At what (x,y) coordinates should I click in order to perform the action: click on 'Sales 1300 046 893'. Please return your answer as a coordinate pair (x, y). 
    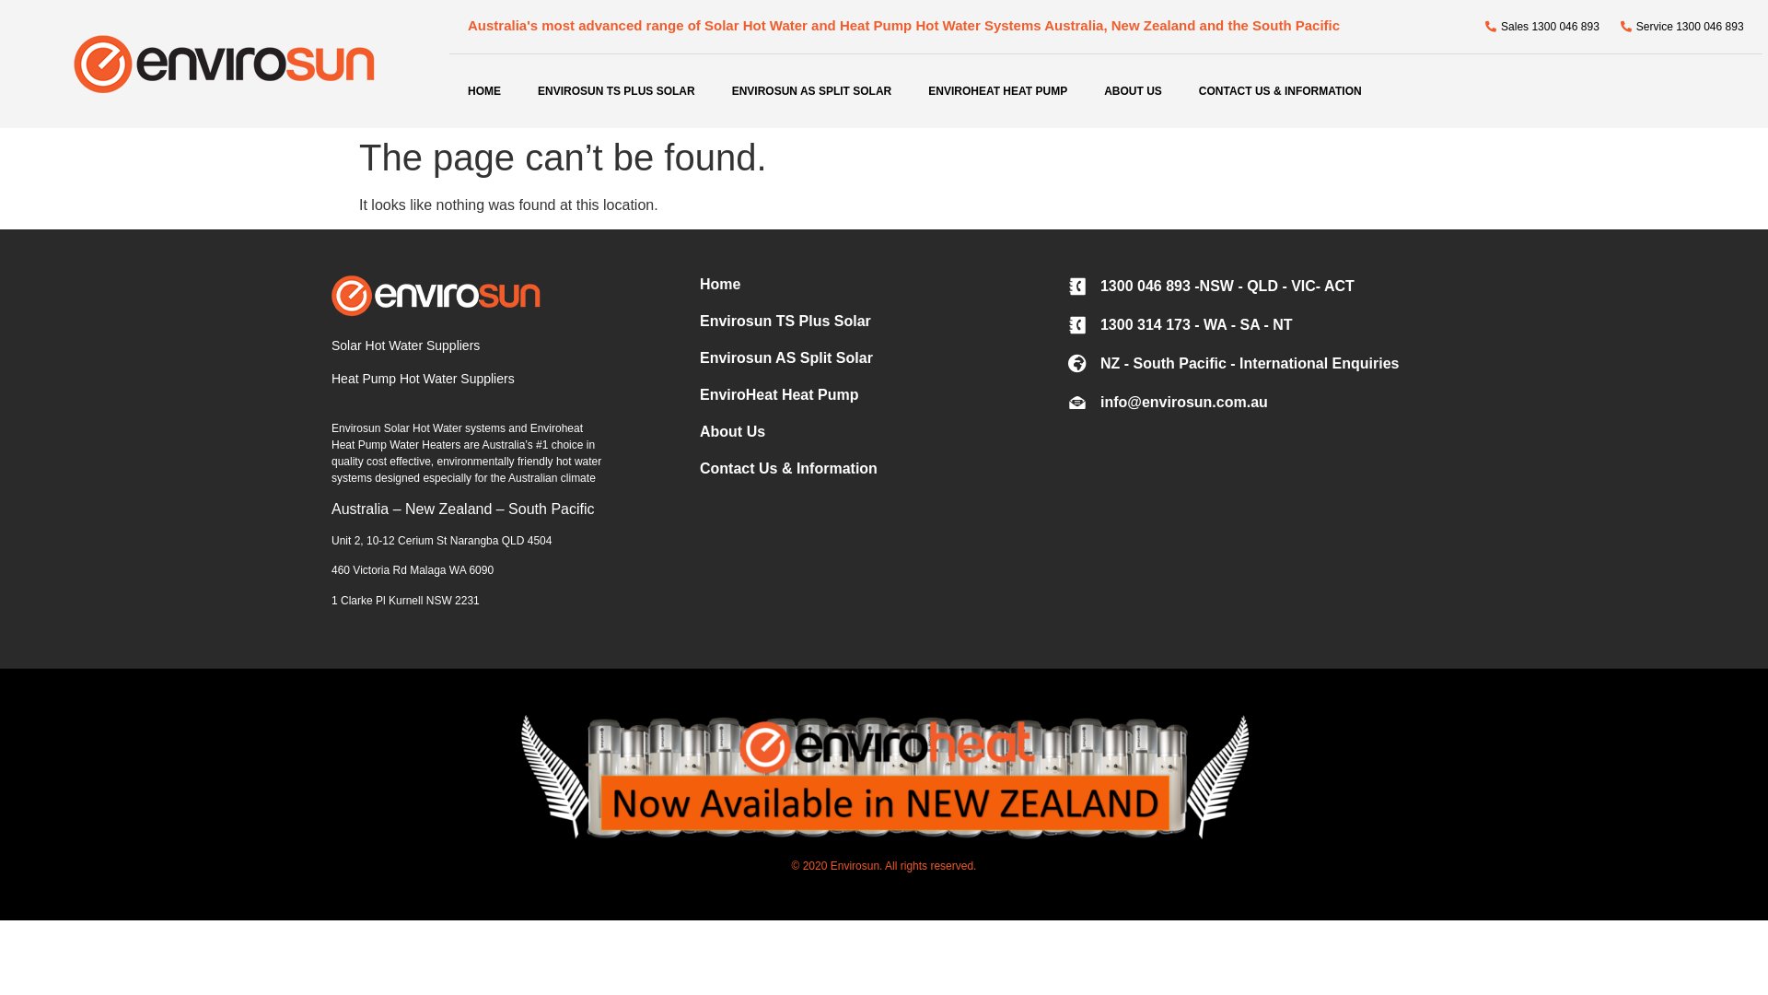
    Looking at the image, I should click on (1541, 27).